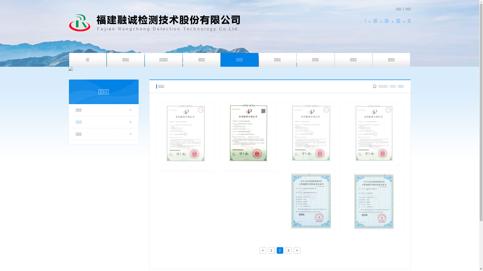 This screenshot has height=271, width=483. What do you see at coordinates (268, 250) in the screenshot?
I see `'1'` at bounding box center [268, 250].